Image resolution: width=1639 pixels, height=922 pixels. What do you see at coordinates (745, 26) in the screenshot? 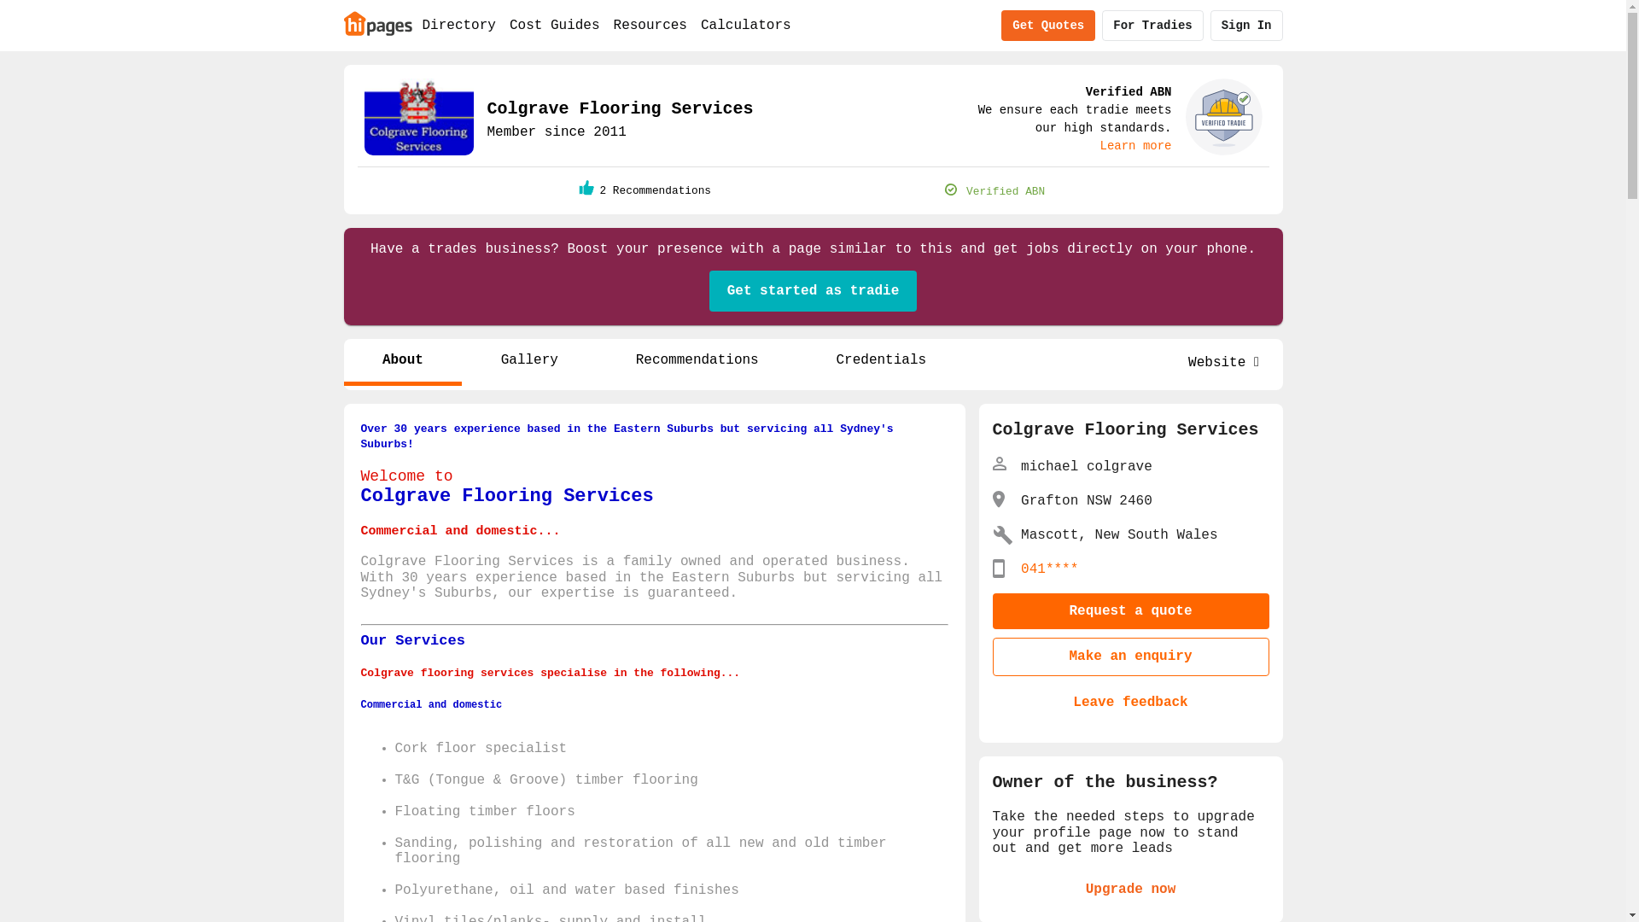
I see `'Calculators'` at bounding box center [745, 26].